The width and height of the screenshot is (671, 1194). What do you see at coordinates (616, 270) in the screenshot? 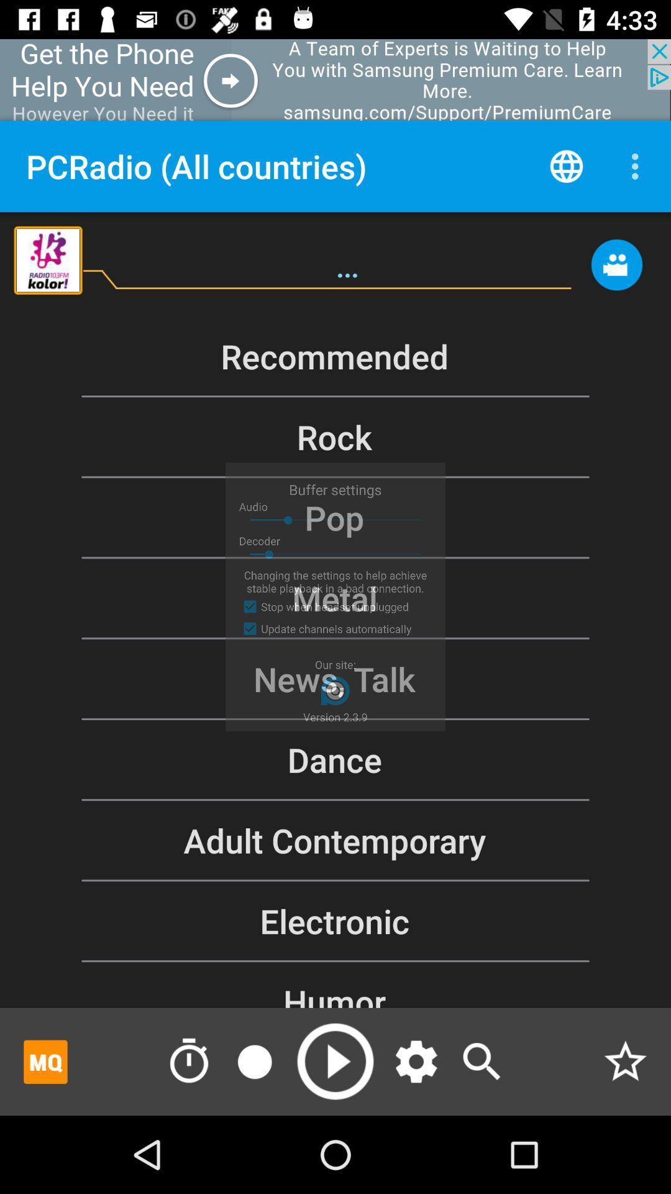
I see `the group icon` at bounding box center [616, 270].